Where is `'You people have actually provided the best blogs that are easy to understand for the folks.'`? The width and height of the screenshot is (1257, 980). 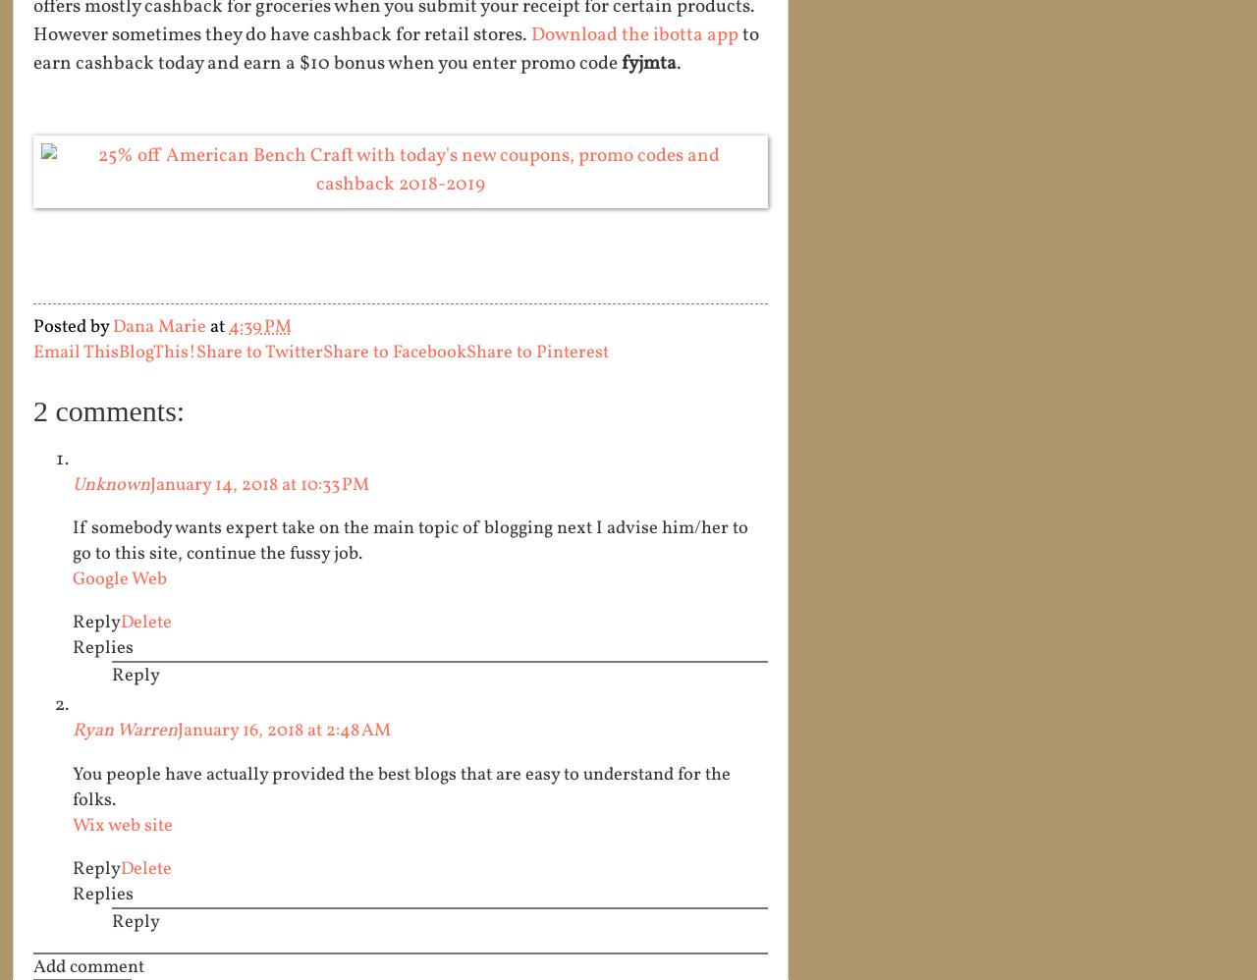
'You people have actually provided the best blogs that are easy to understand for the folks.' is located at coordinates (400, 786).